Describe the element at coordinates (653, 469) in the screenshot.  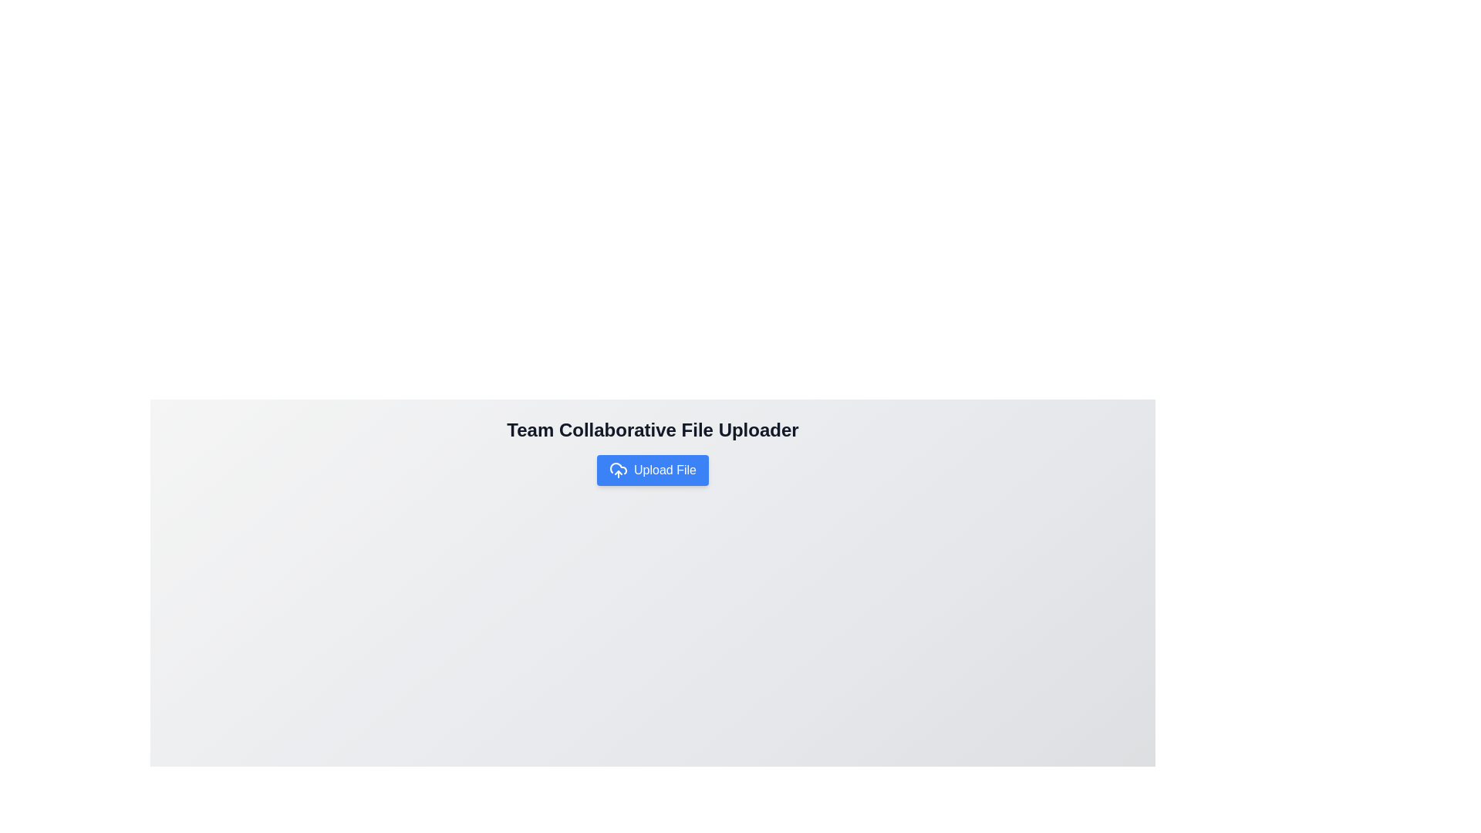
I see `the button labeled 'Team Collaborative File Uploader' to observe the hover effects` at that location.